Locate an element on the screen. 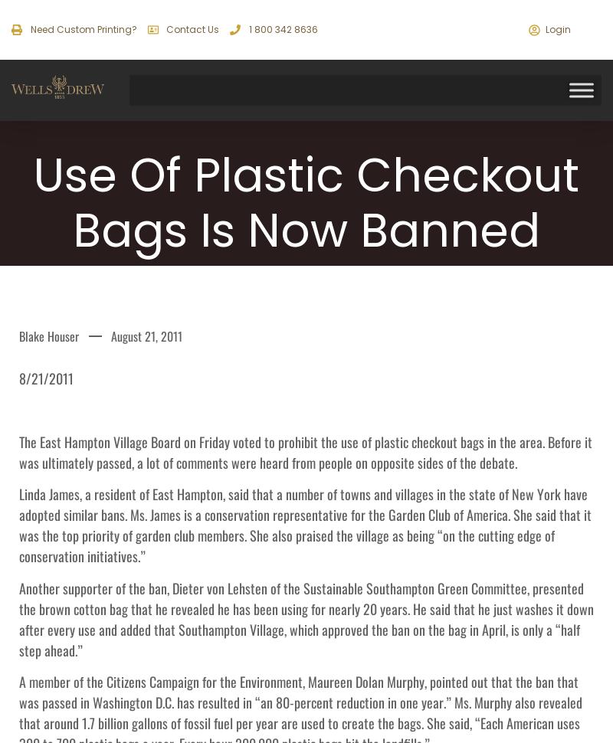 The height and width of the screenshot is (743, 613). 'Need Custom Printing?' is located at coordinates (82, 29).